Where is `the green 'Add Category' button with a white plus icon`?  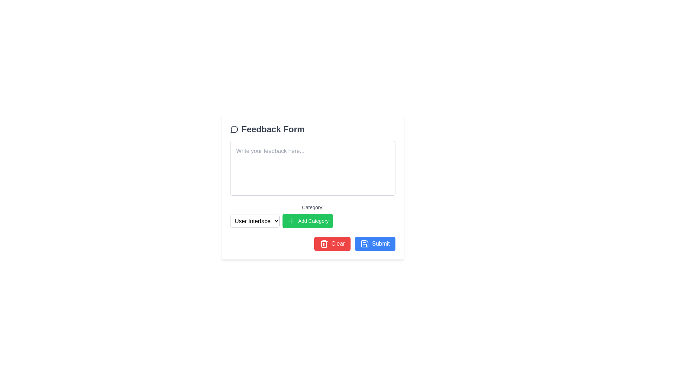 the green 'Add Category' button with a white plus icon is located at coordinates (313, 215).